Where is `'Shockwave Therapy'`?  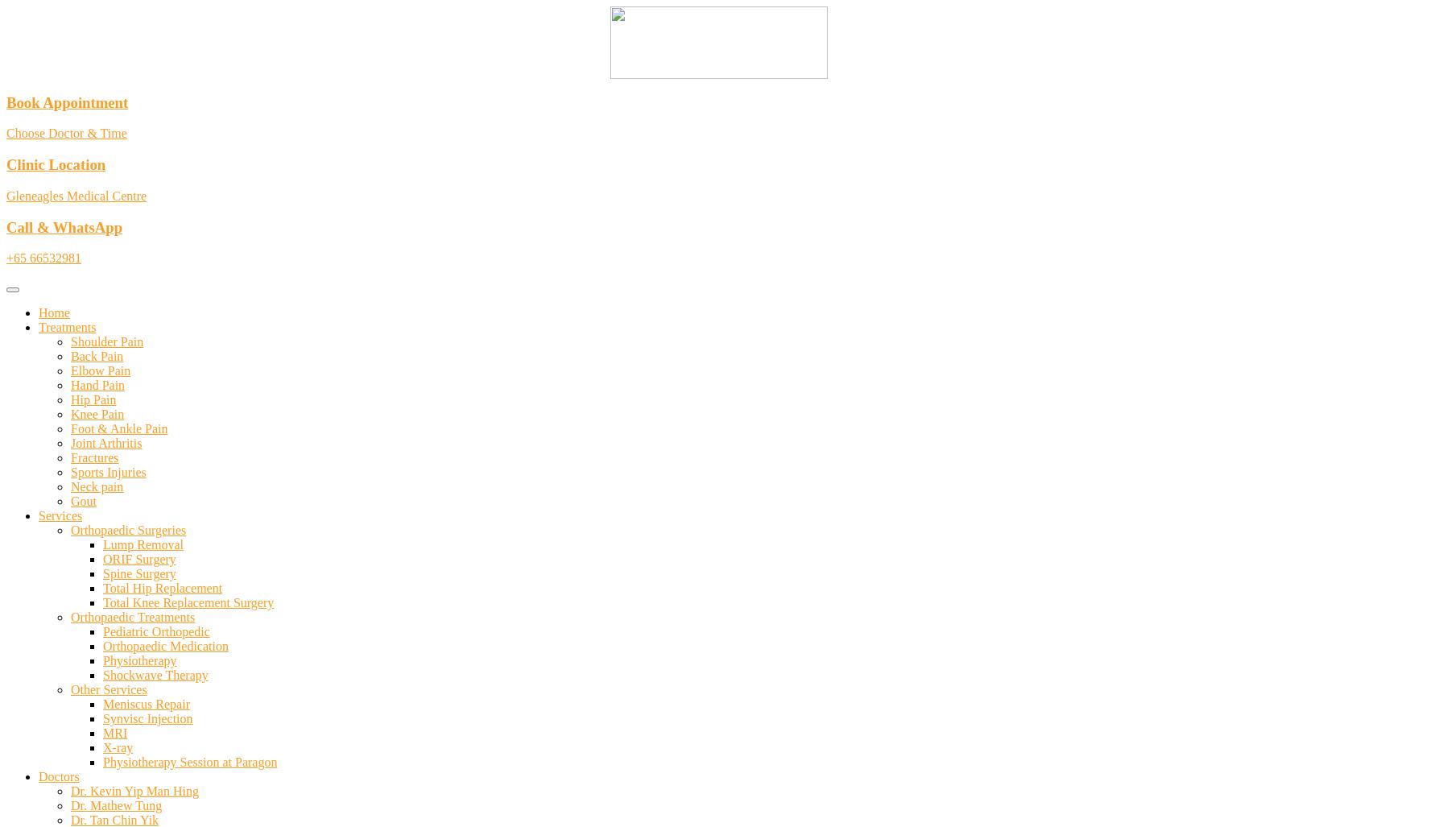 'Shockwave Therapy' is located at coordinates (155, 675).